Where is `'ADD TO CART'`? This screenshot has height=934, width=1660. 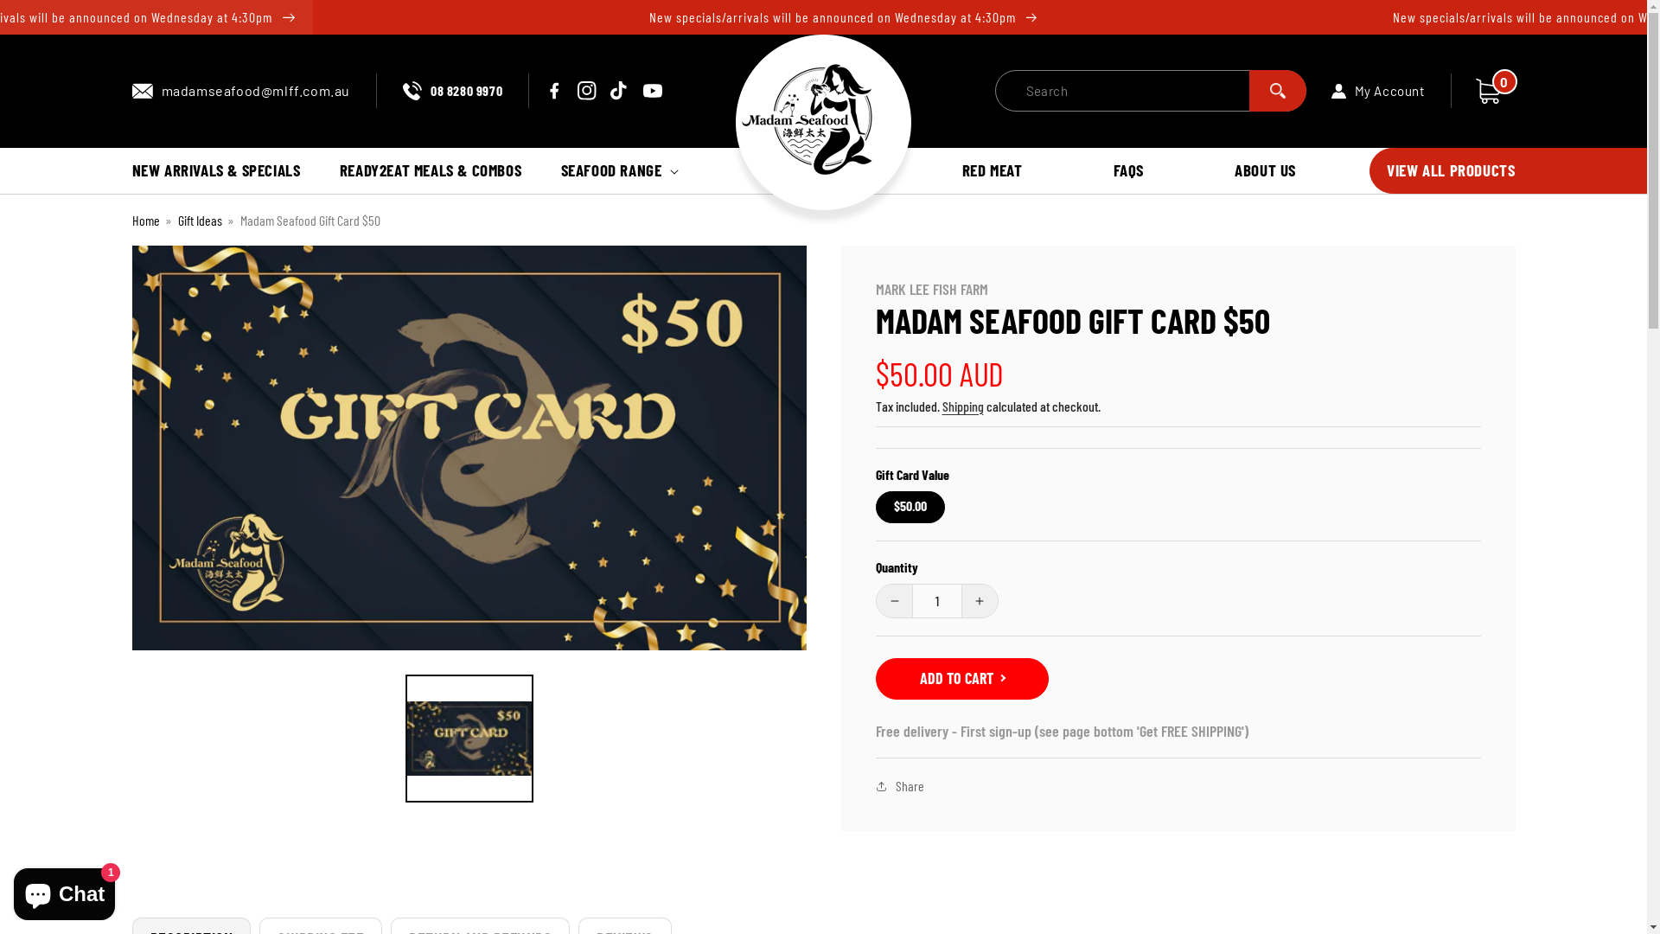 'ADD TO CART' is located at coordinates (961, 678).